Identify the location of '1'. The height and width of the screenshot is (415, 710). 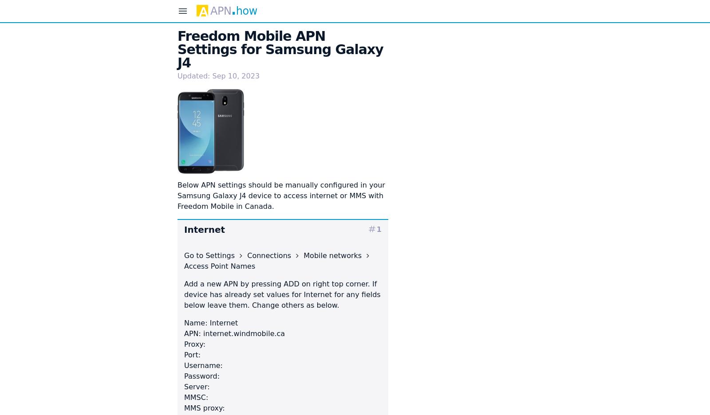
(378, 229).